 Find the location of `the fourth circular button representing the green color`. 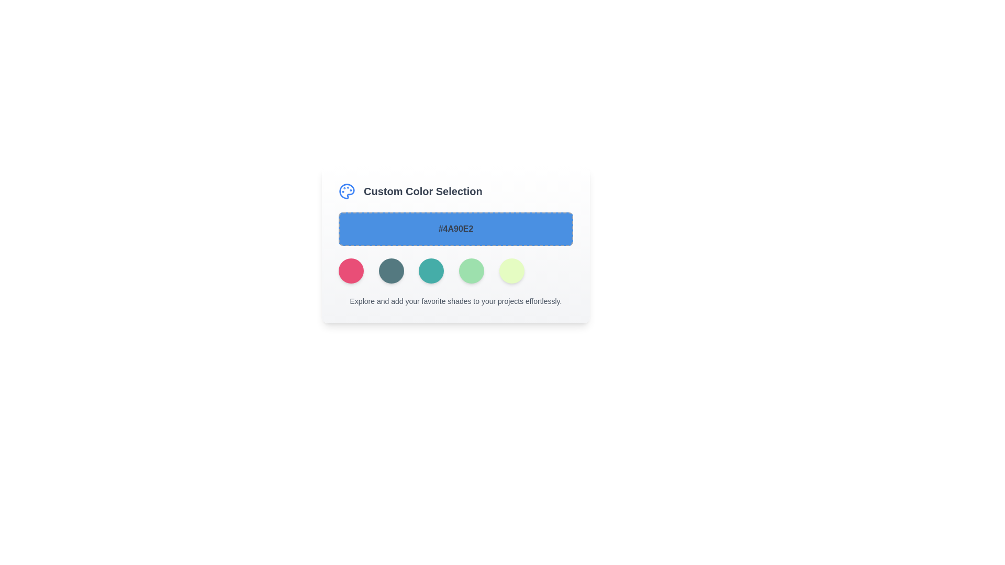

the fourth circular button representing the green color is located at coordinates (471, 270).